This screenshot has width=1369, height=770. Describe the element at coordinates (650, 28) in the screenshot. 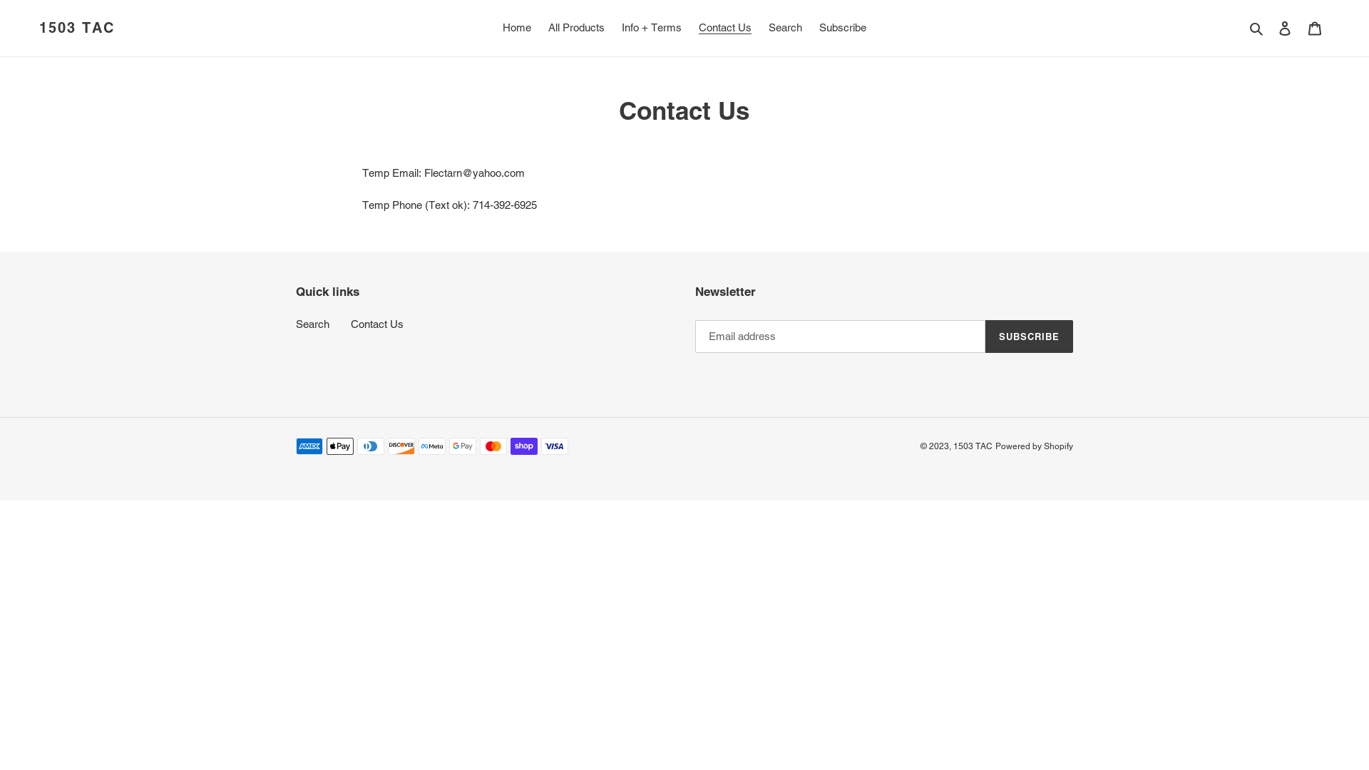

I see `'Info + Terms'` at that location.